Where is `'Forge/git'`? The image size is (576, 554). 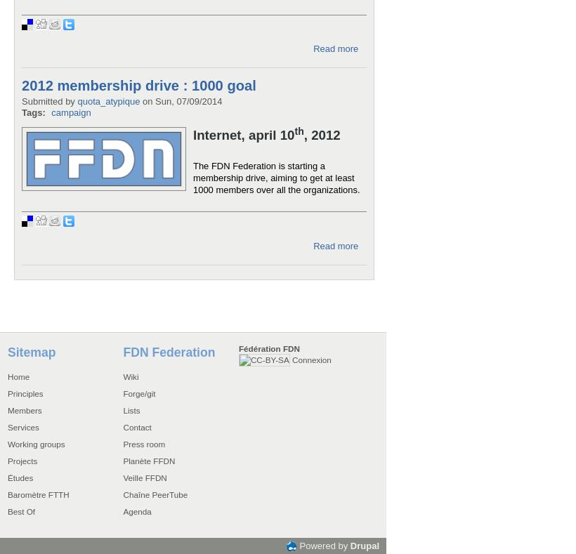 'Forge/git' is located at coordinates (122, 393).